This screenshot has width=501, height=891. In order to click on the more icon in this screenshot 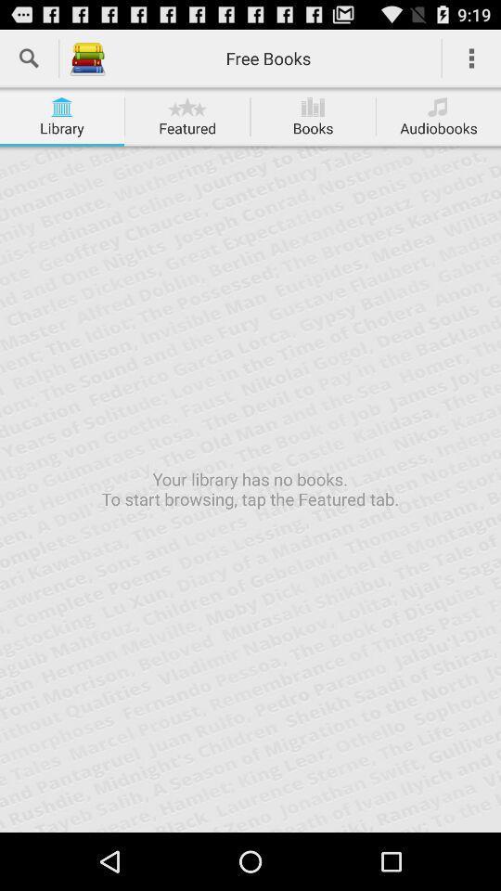, I will do `click(471, 62)`.